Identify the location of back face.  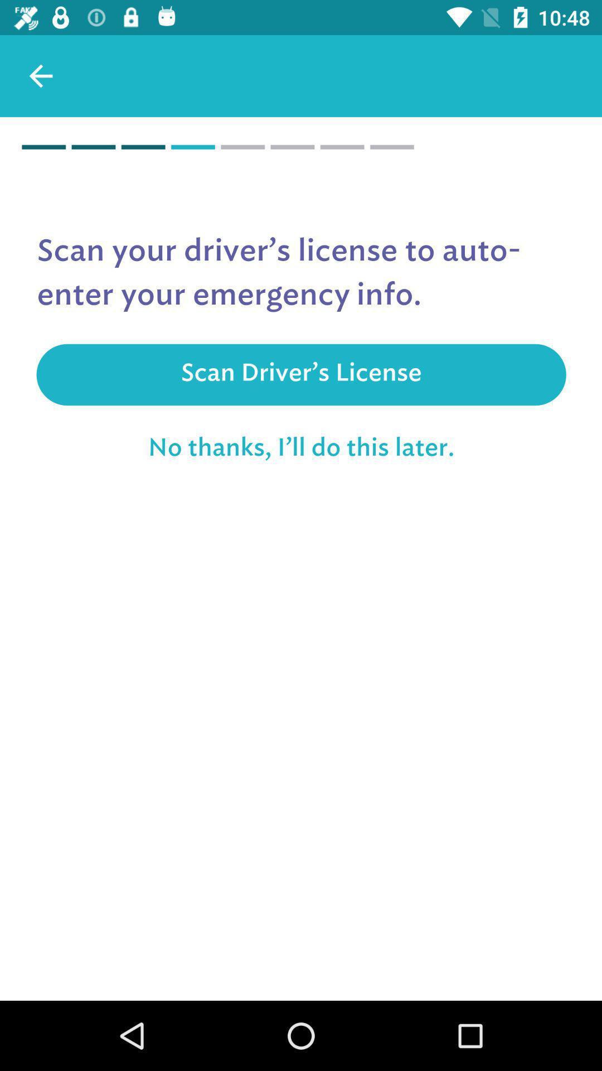
(40, 75).